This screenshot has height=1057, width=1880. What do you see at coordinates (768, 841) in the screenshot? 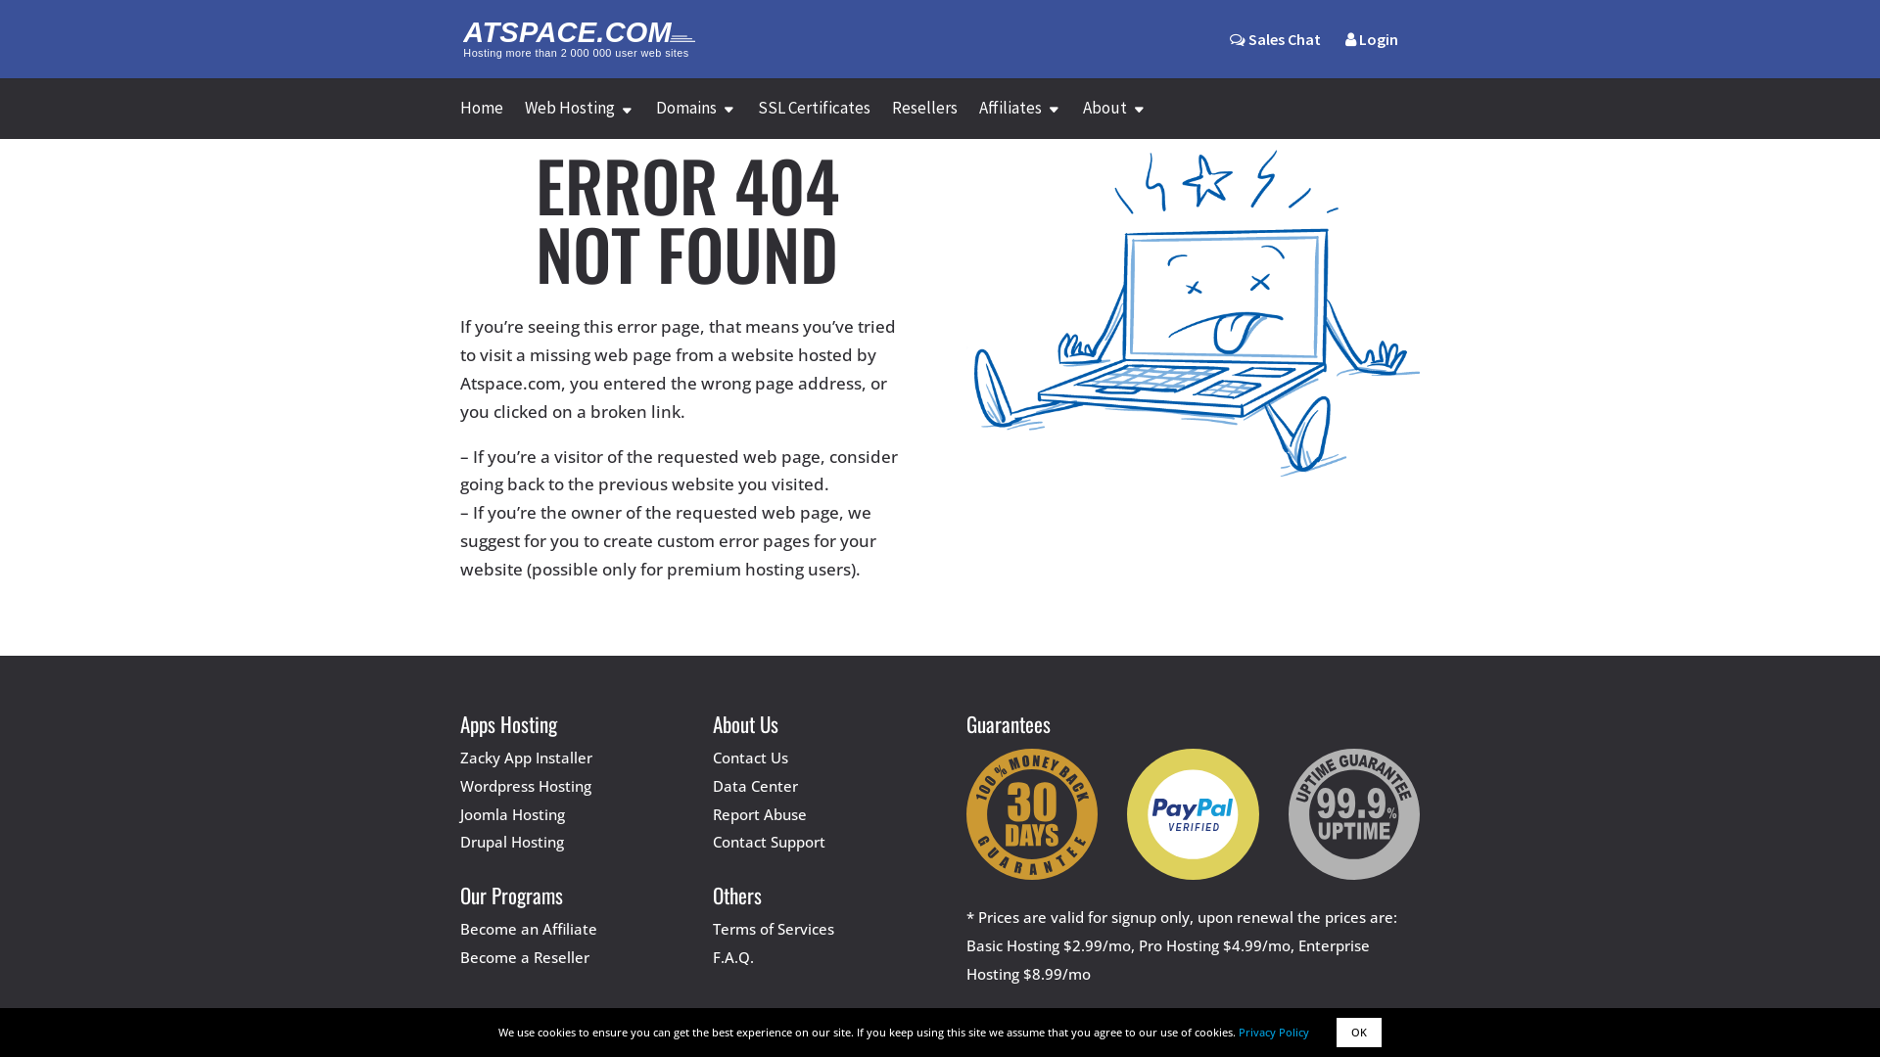
I see `'Contact Support'` at bounding box center [768, 841].